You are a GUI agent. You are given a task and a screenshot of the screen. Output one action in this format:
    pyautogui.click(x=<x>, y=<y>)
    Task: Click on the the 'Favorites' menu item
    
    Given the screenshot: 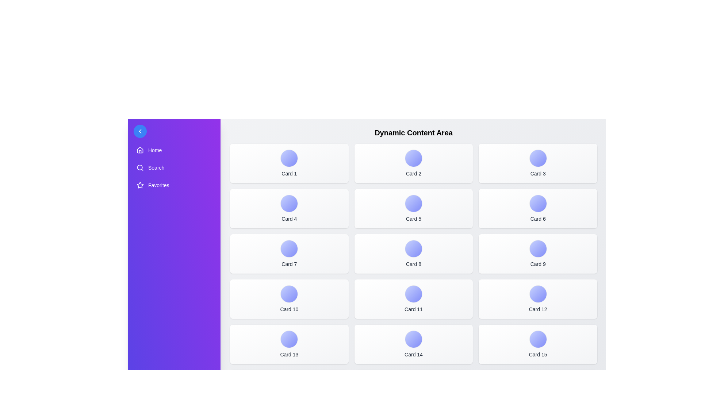 What is the action you would take?
    pyautogui.click(x=173, y=185)
    